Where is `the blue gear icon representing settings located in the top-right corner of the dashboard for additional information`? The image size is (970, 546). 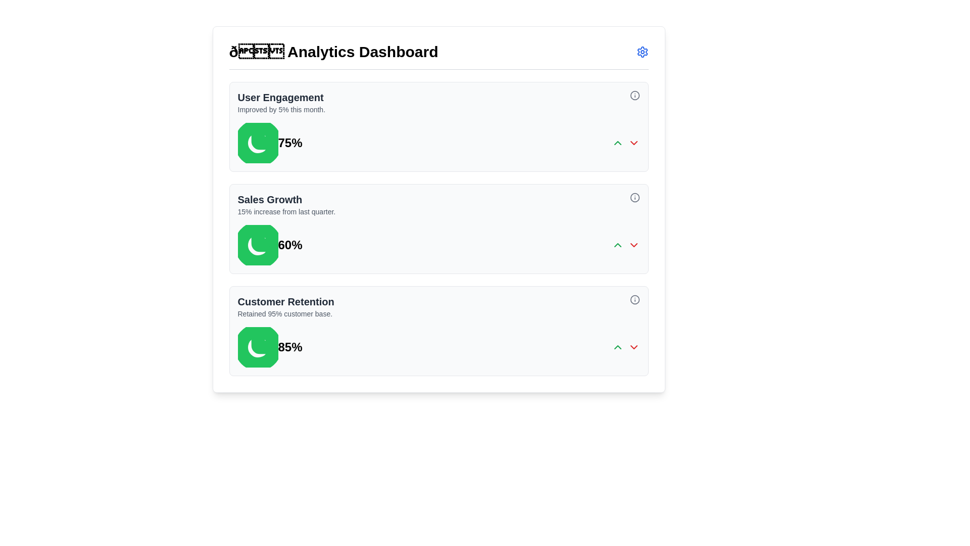
the blue gear icon representing settings located in the top-right corner of the dashboard for additional information is located at coordinates (642, 52).